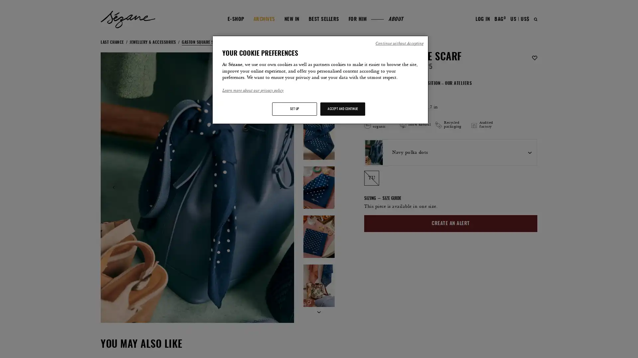 The height and width of the screenshot is (358, 638). Describe the element at coordinates (318, 62) in the screenshot. I see `front.slider.prev_slide` at that location.